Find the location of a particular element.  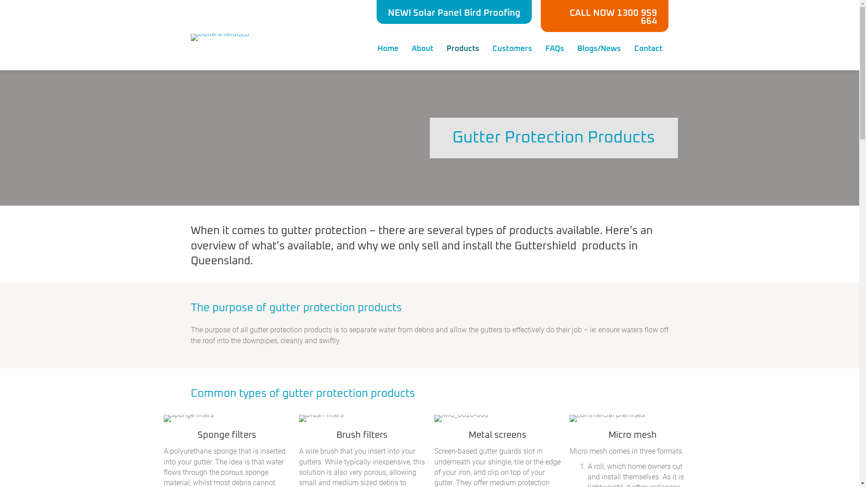

'CALL NOW 1300 959 664' is located at coordinates (604, 16).